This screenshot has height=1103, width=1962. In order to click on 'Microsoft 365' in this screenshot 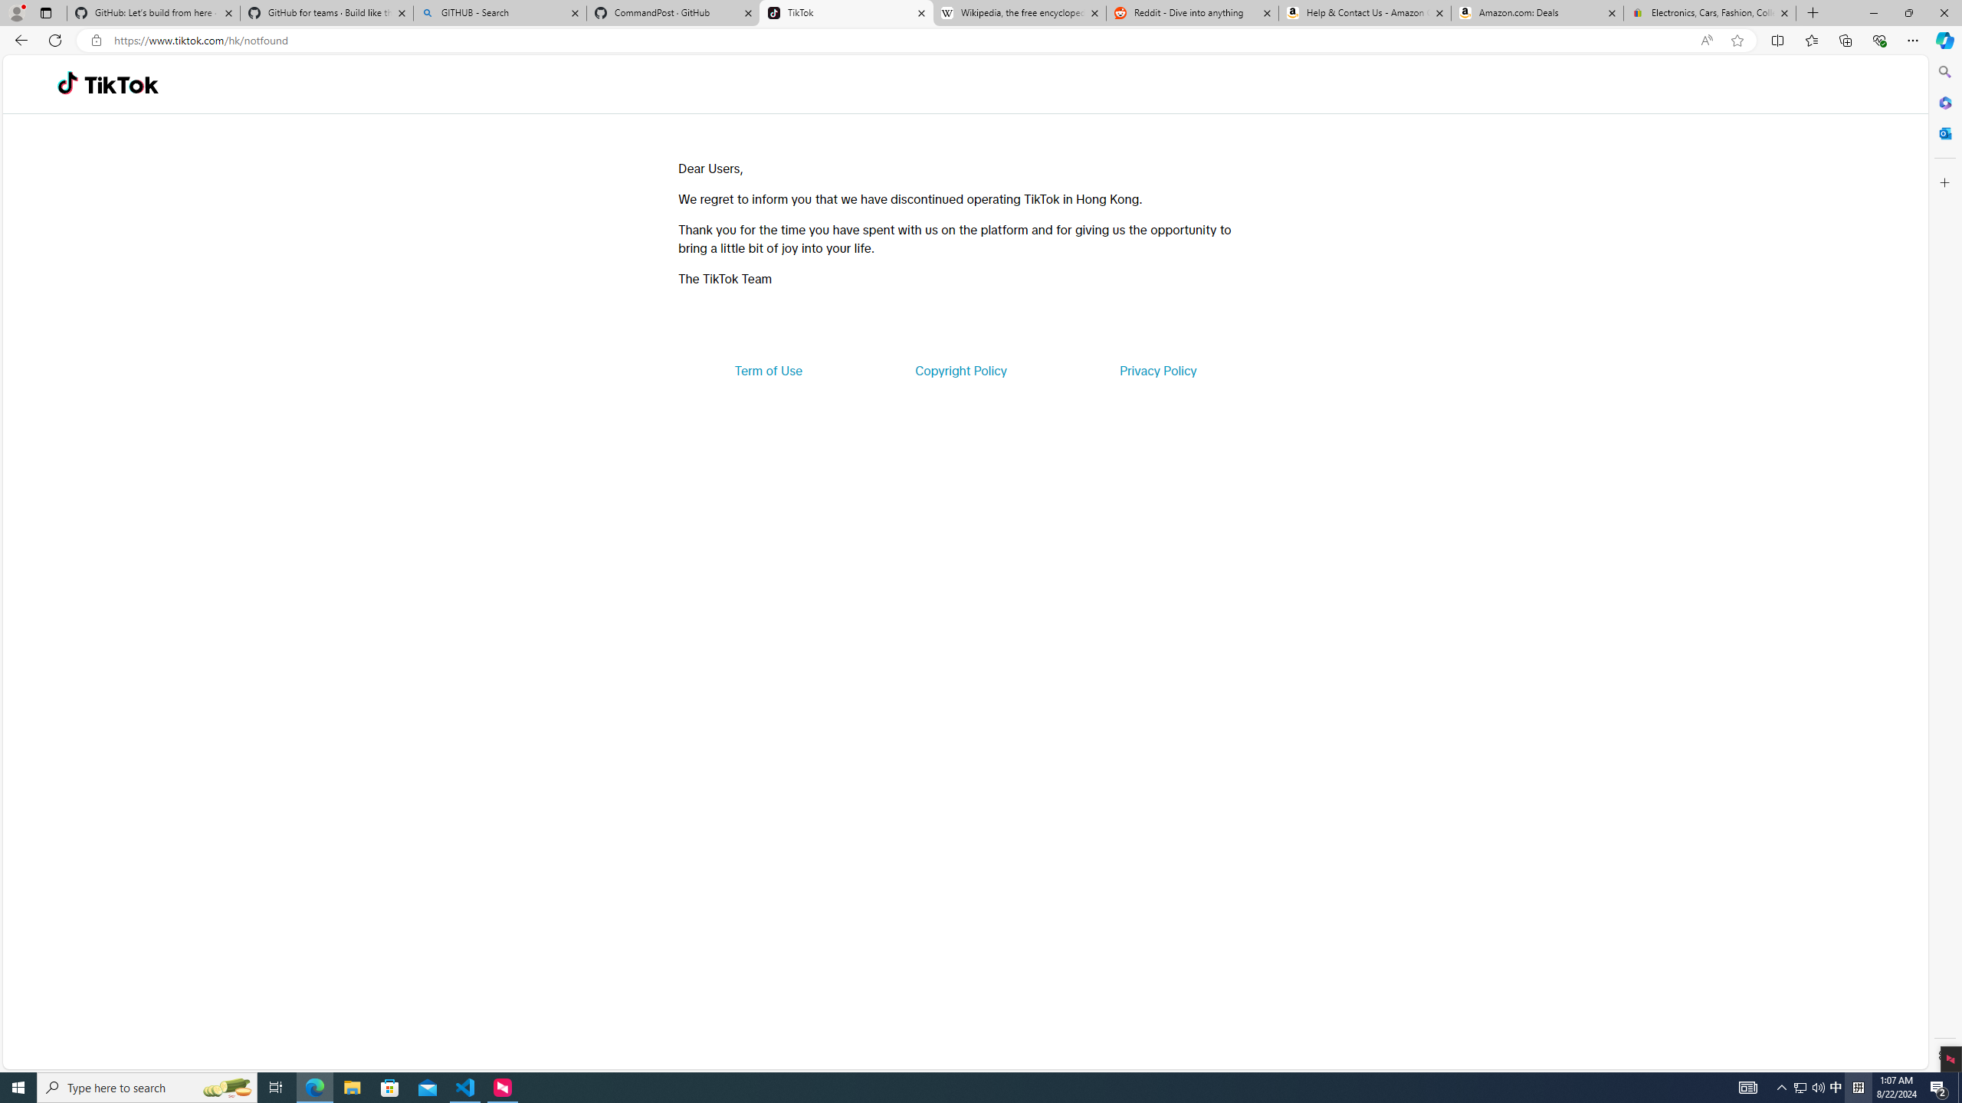, I will do `click(1943, 103)`.